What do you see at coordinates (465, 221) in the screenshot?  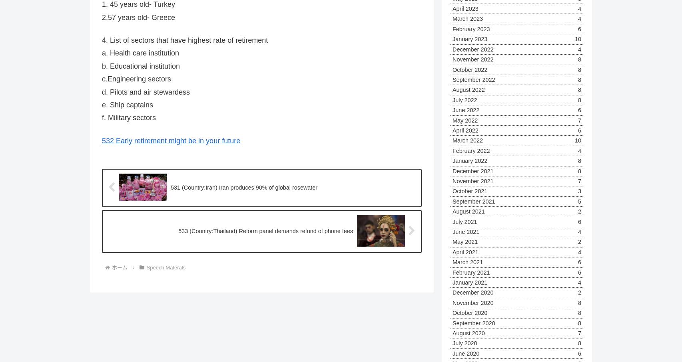 I see `'July 2021'` at bounding box center [465, 221].